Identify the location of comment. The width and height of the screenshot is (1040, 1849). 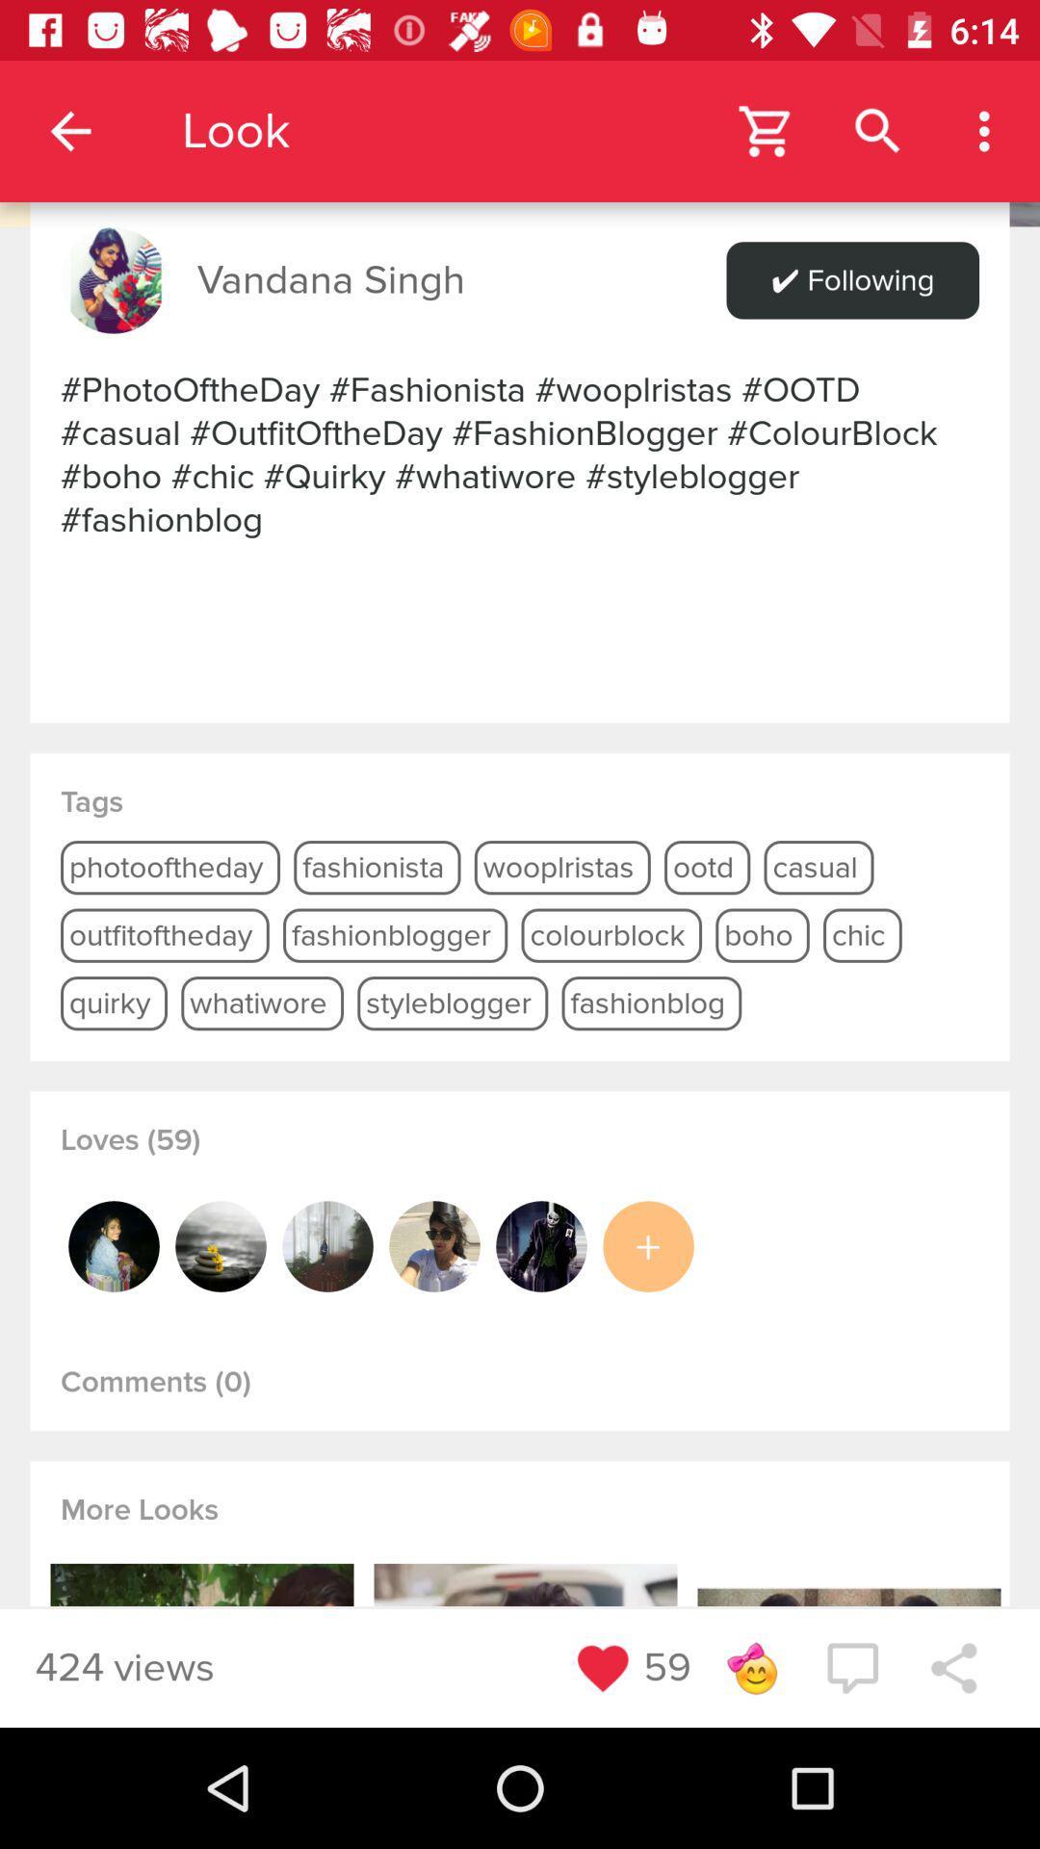
(851, 1667).